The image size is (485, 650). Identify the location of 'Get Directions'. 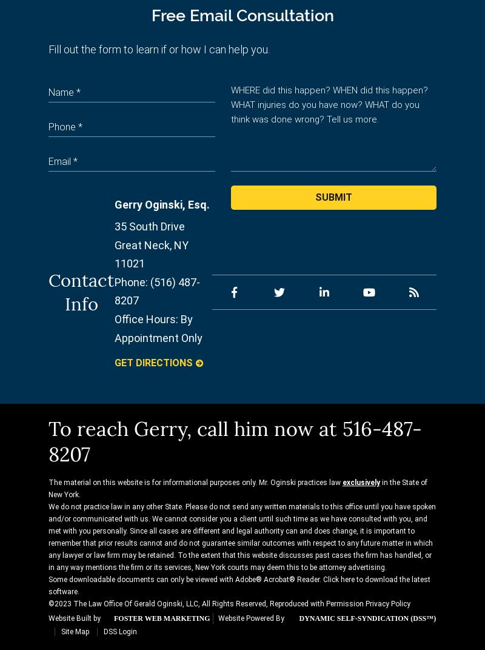
(113, 362).